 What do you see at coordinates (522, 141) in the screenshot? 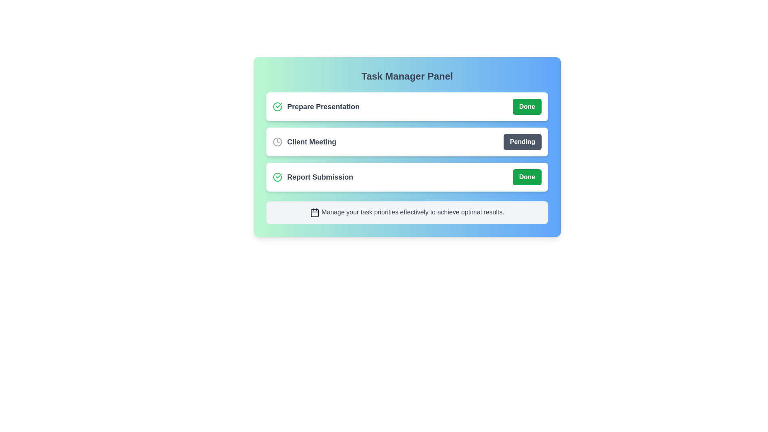
I see `the button corresponding to the task Client Meeting to toggle its status` at bounding box center [522, 141].